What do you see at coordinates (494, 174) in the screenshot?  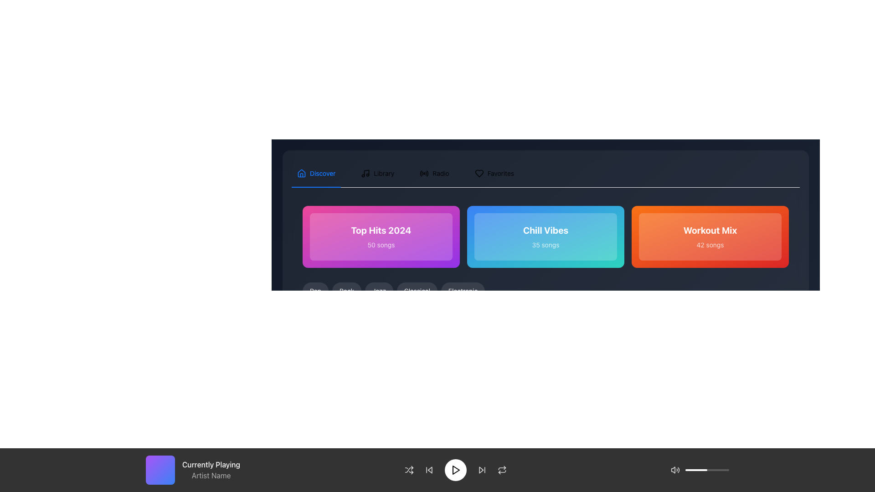 I see `the 'Favorites' tab, which is the fourth tab in the navigation bar located at the top of the interface, styled with dark text and a heart icon` at bounding box center [494, 174].